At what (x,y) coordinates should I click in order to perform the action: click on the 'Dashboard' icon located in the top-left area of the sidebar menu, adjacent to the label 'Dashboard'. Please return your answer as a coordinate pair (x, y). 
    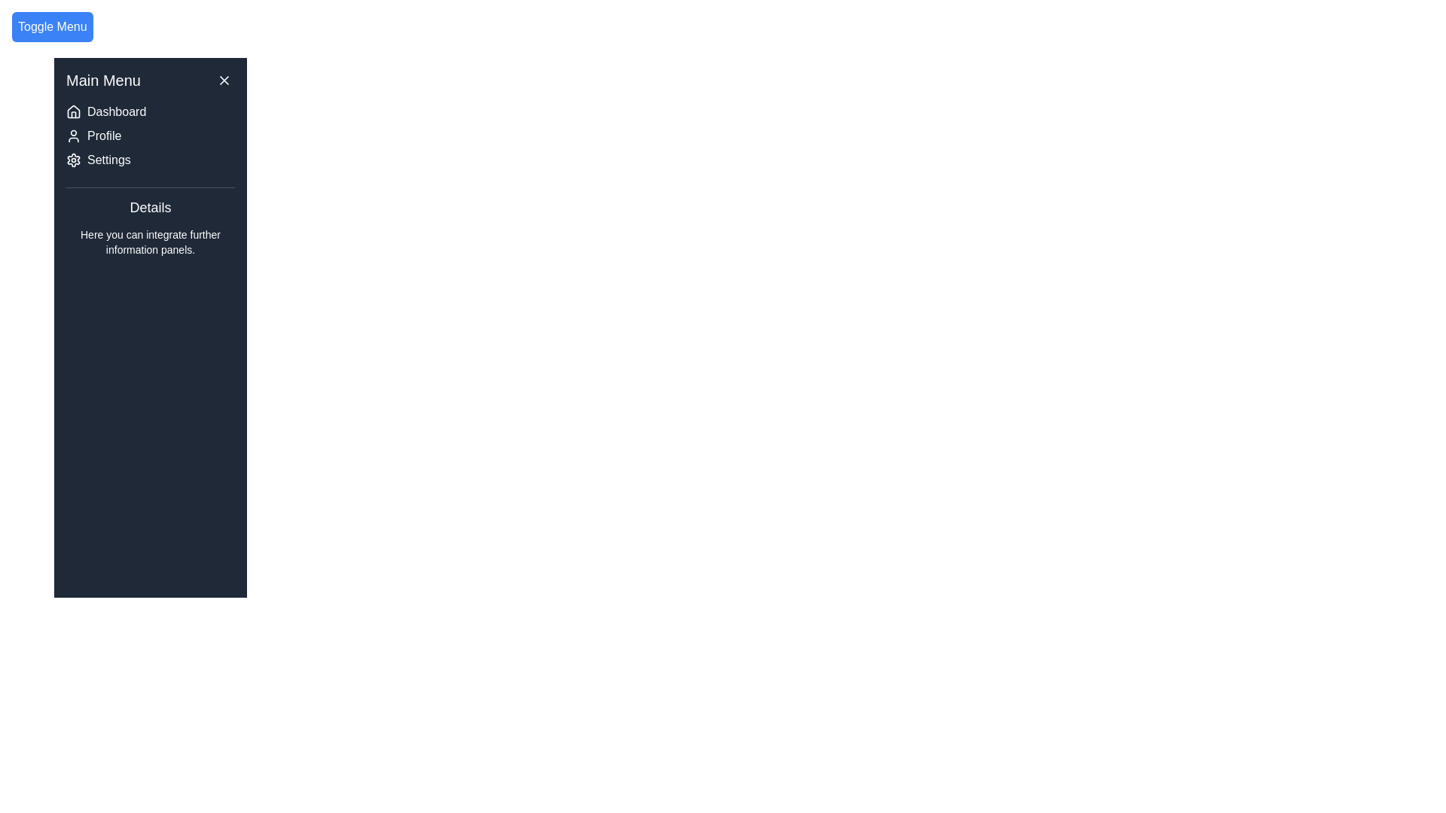
    Looking at the image, I should click on (72, 111).